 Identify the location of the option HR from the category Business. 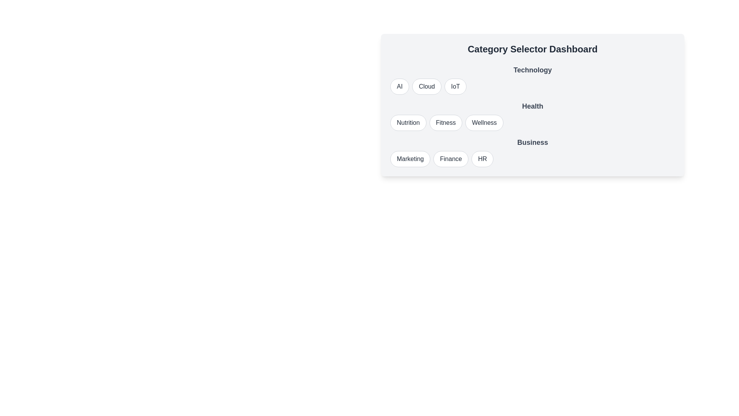
(482, 158).